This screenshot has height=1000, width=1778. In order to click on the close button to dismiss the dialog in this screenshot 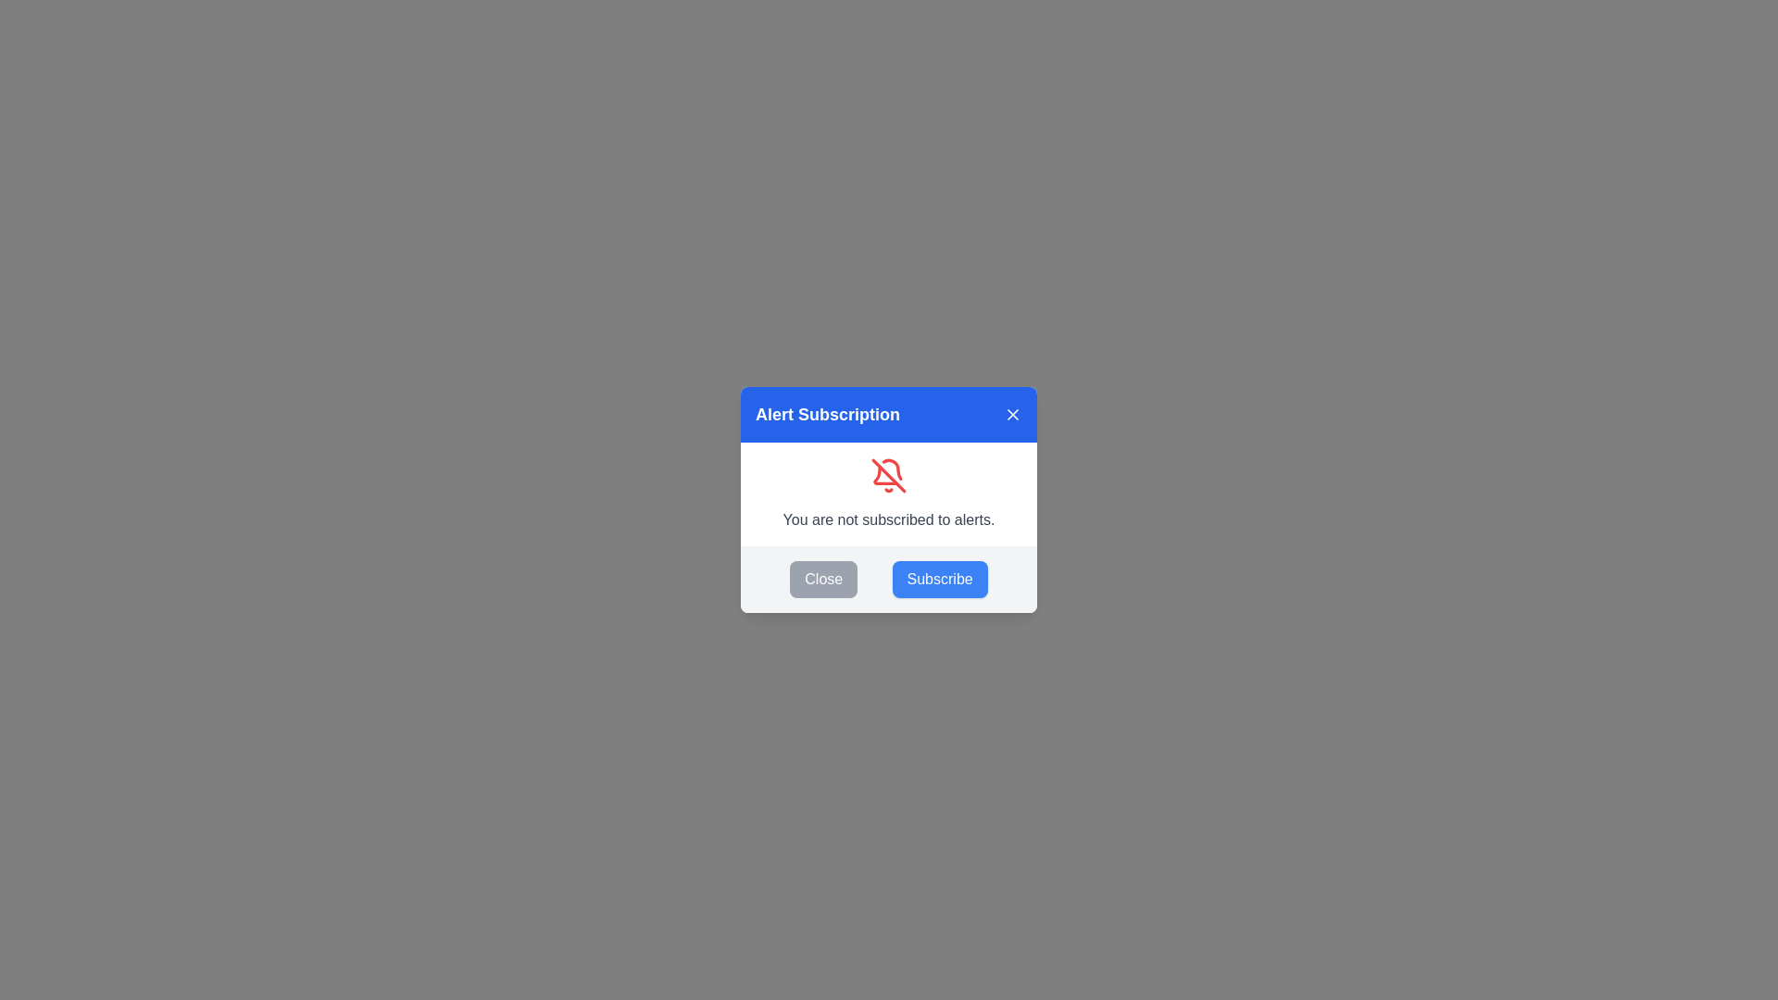, I will do `click(1012, 413)`.